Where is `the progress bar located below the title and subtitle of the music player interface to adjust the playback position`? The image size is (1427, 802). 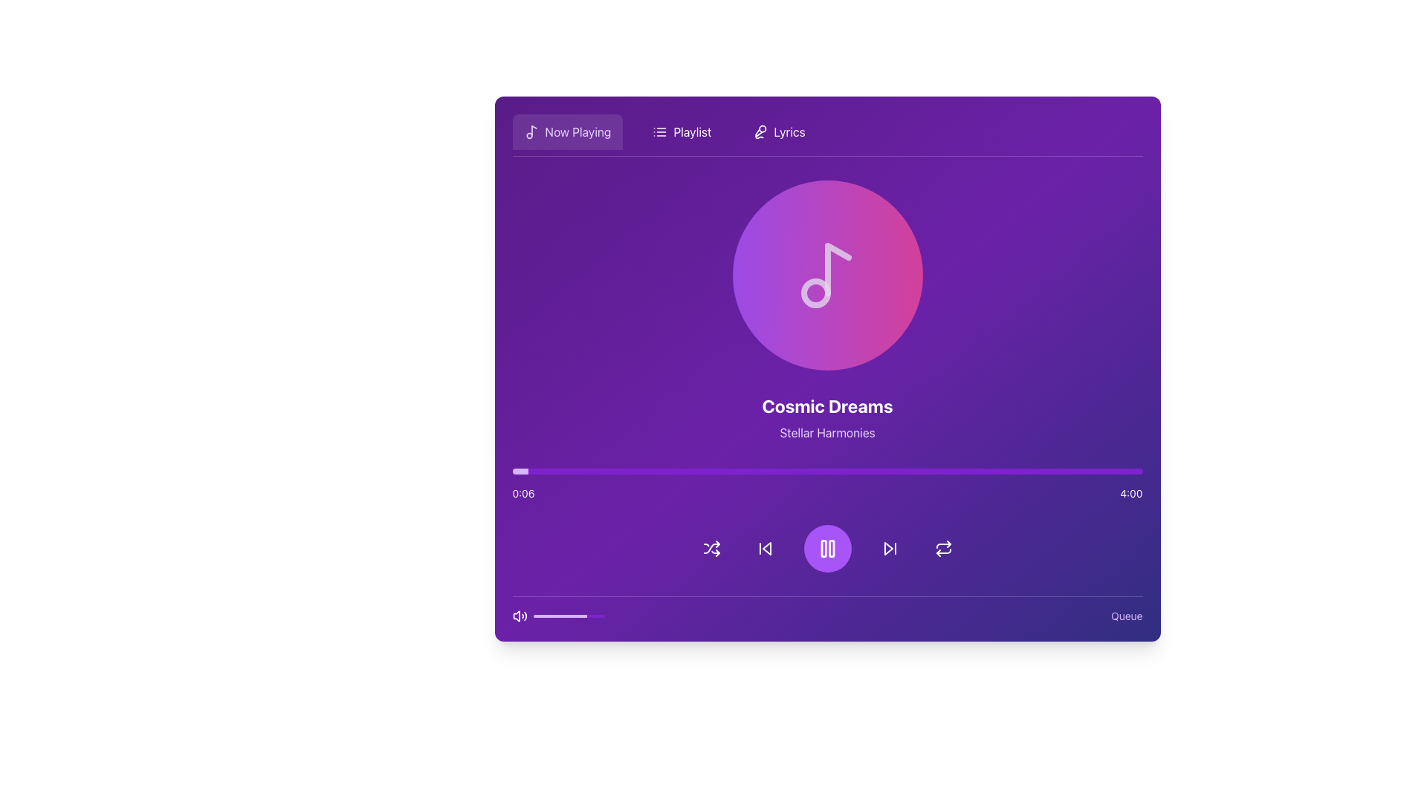 the progress bar located below the title and subtitle of the music player interface to adjust the playback position is located at coordinates (826, 483).